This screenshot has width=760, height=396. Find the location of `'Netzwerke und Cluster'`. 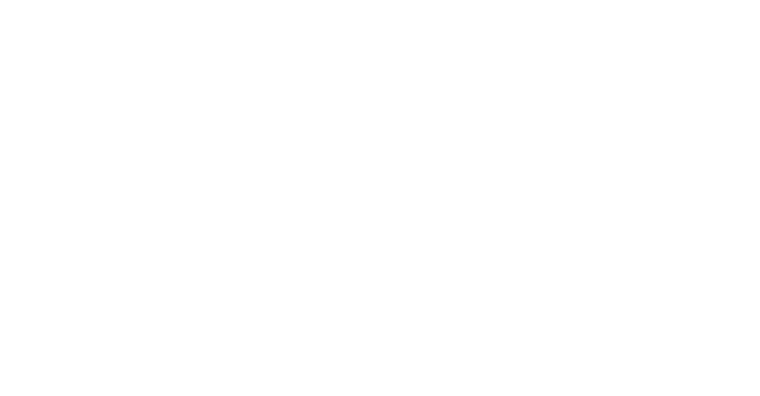

'Netzwerke und Cluster' is located at coordinates (20, 225).